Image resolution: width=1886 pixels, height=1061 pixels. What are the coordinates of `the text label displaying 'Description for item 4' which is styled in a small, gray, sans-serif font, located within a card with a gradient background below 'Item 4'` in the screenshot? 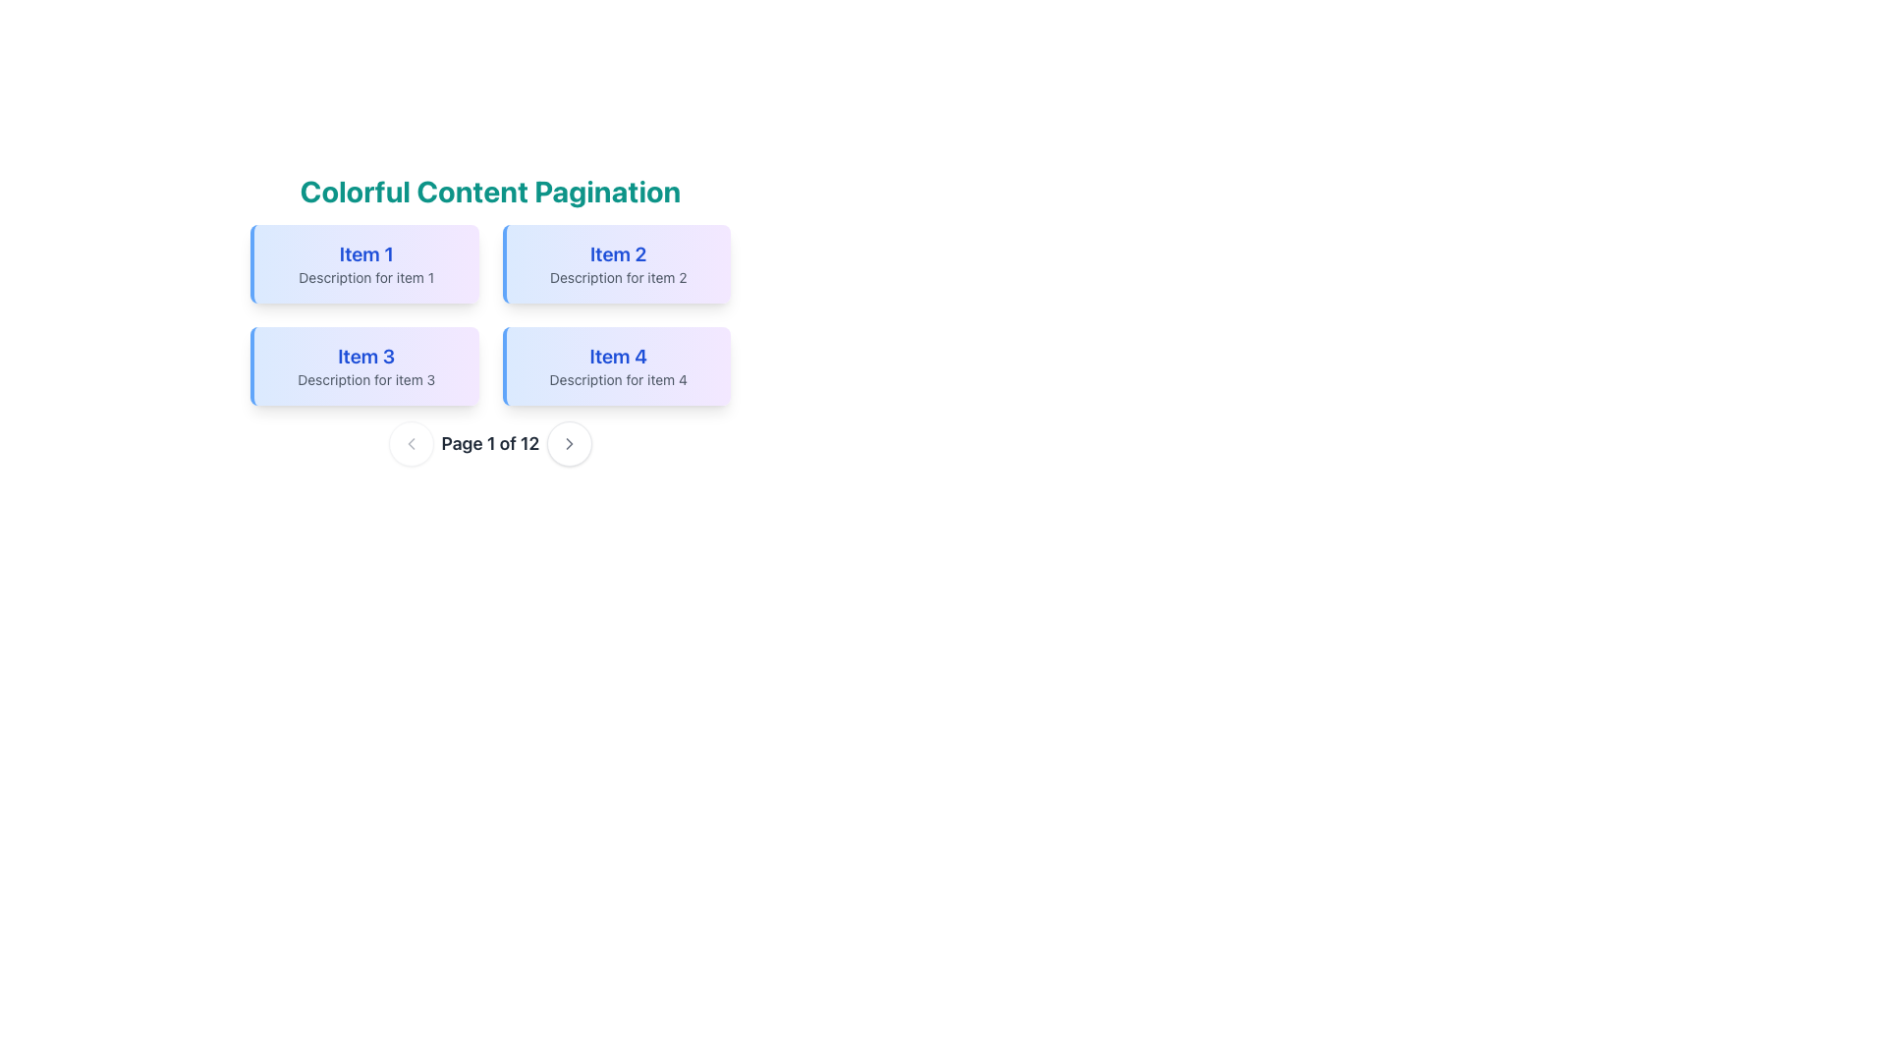 It's located at (617, 379).